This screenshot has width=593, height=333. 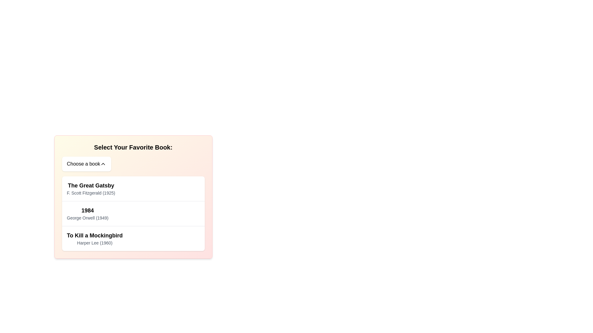 What do you see at coordinates (90, 188) in the screenshot?
I see `the text content display for 'The Great Gatsby' which is styled with a bold title and a lighter subtitle, located under the header 'Select Your Favorite Book'` at bounding box center [90, 188].